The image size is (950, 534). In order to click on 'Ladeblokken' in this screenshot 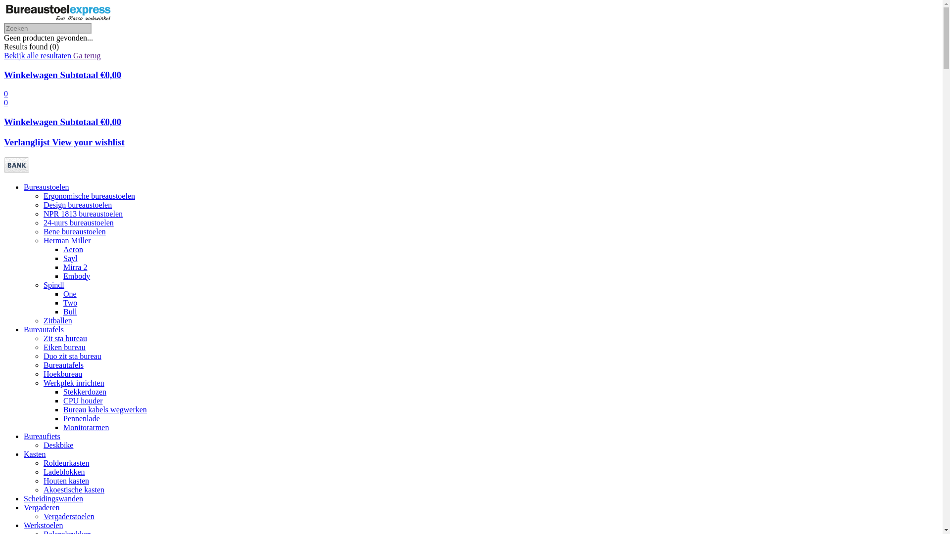, I will do `click(63, 471)`.